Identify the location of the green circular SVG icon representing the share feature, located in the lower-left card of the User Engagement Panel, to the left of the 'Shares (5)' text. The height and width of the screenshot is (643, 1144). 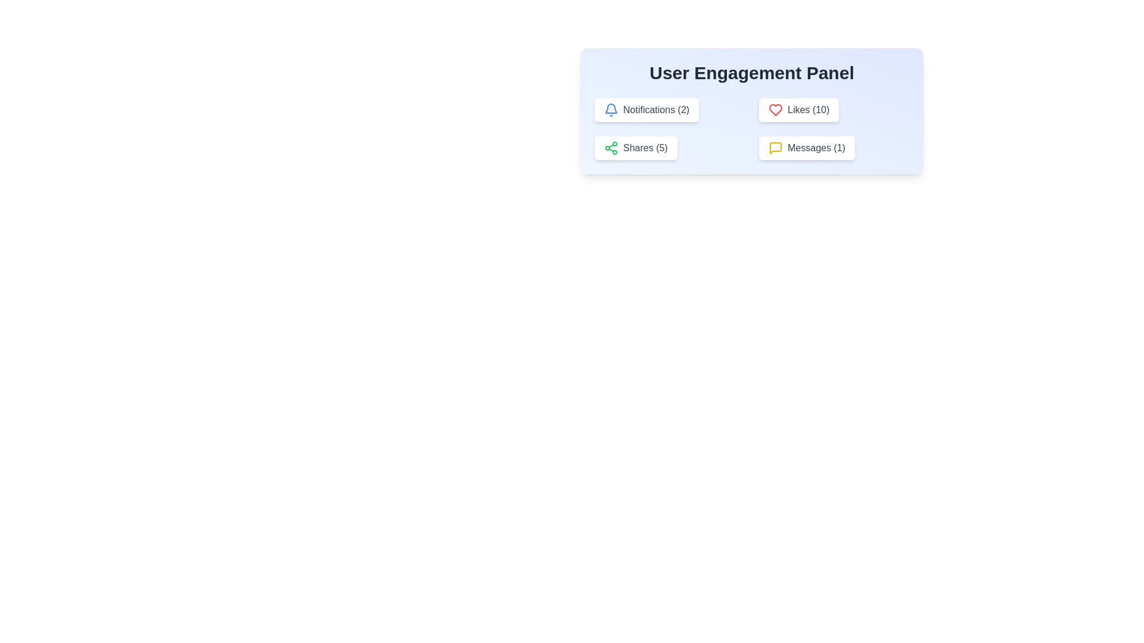
(611, 148).